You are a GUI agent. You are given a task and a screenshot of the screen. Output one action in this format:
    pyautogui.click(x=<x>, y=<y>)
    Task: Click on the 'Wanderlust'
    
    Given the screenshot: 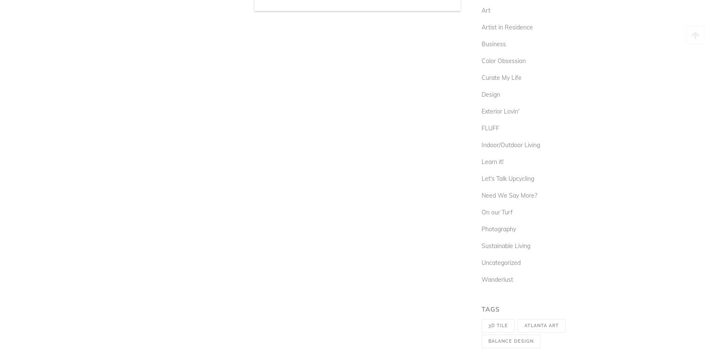 What is the action you would take?
    pyautogui.click(x=481, y=279)
    